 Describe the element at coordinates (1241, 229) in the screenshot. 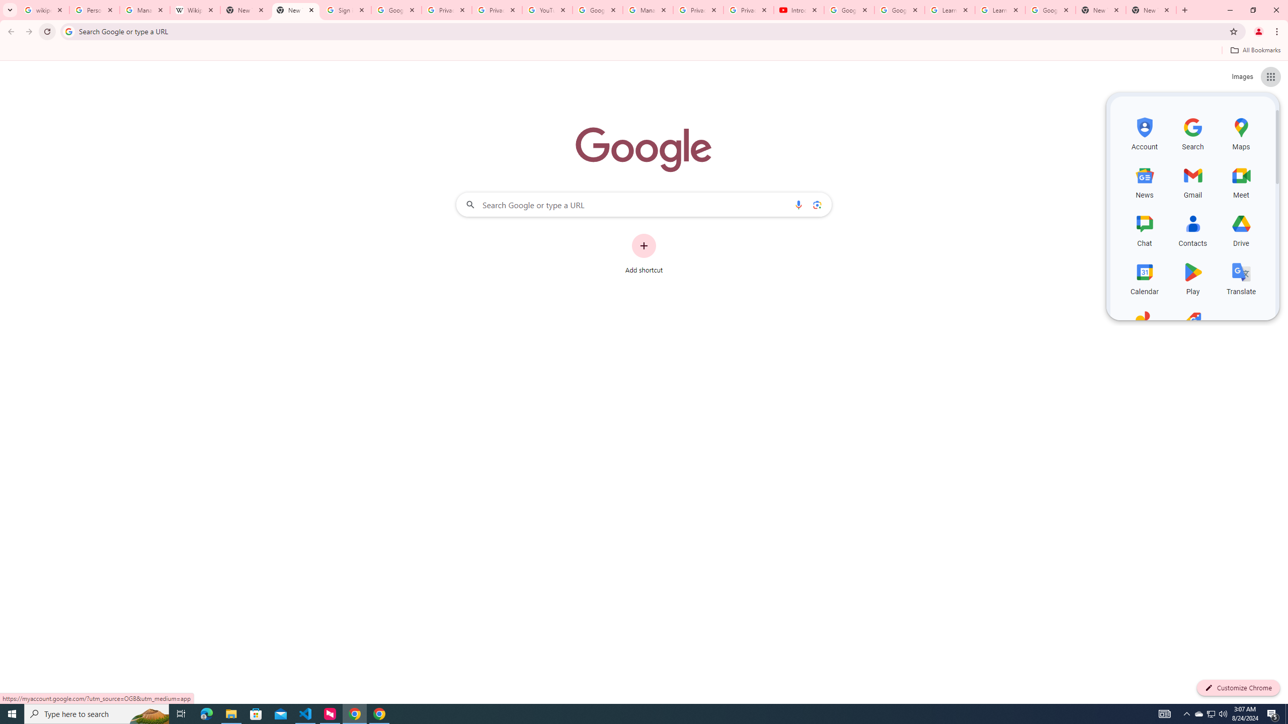

I see `'Drive, row 3 of 5 and column 3 of 3 in the first section'` at that location.